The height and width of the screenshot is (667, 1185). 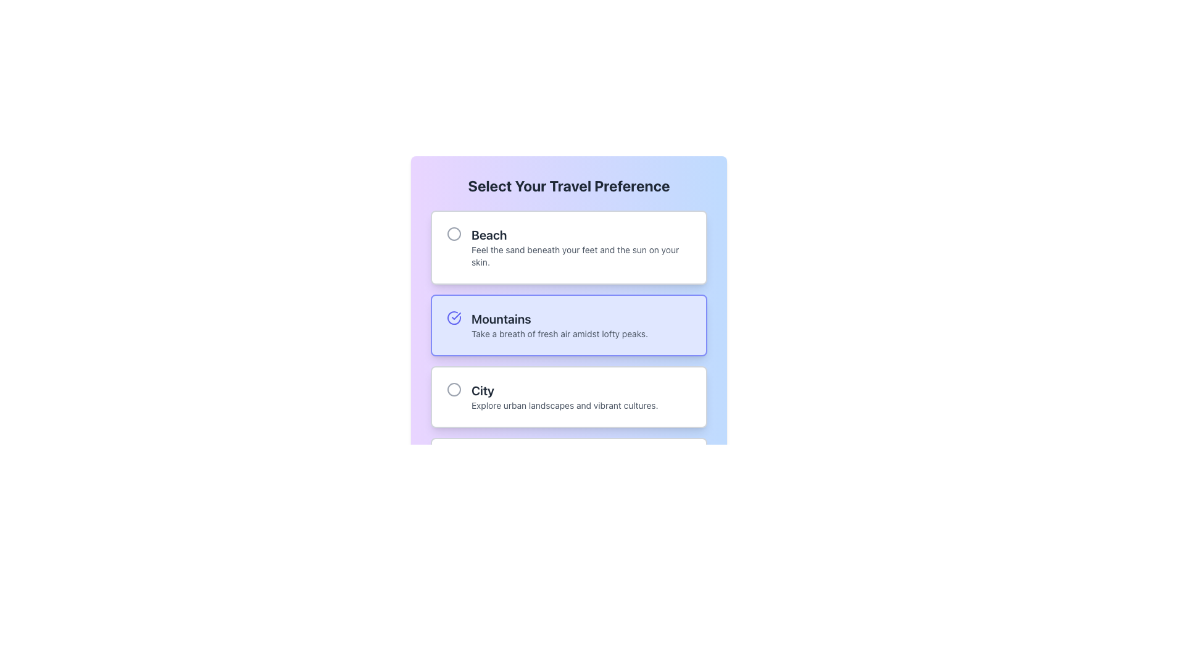 I want to click on the indigo checkmark icon located to the left of the 'Mountains' text header in the second option of the preference selection list for status feedback, so click(x=453, y=317).